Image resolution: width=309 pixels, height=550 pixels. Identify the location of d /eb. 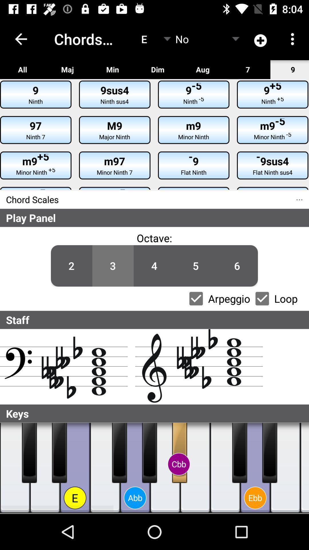
(59, 452).